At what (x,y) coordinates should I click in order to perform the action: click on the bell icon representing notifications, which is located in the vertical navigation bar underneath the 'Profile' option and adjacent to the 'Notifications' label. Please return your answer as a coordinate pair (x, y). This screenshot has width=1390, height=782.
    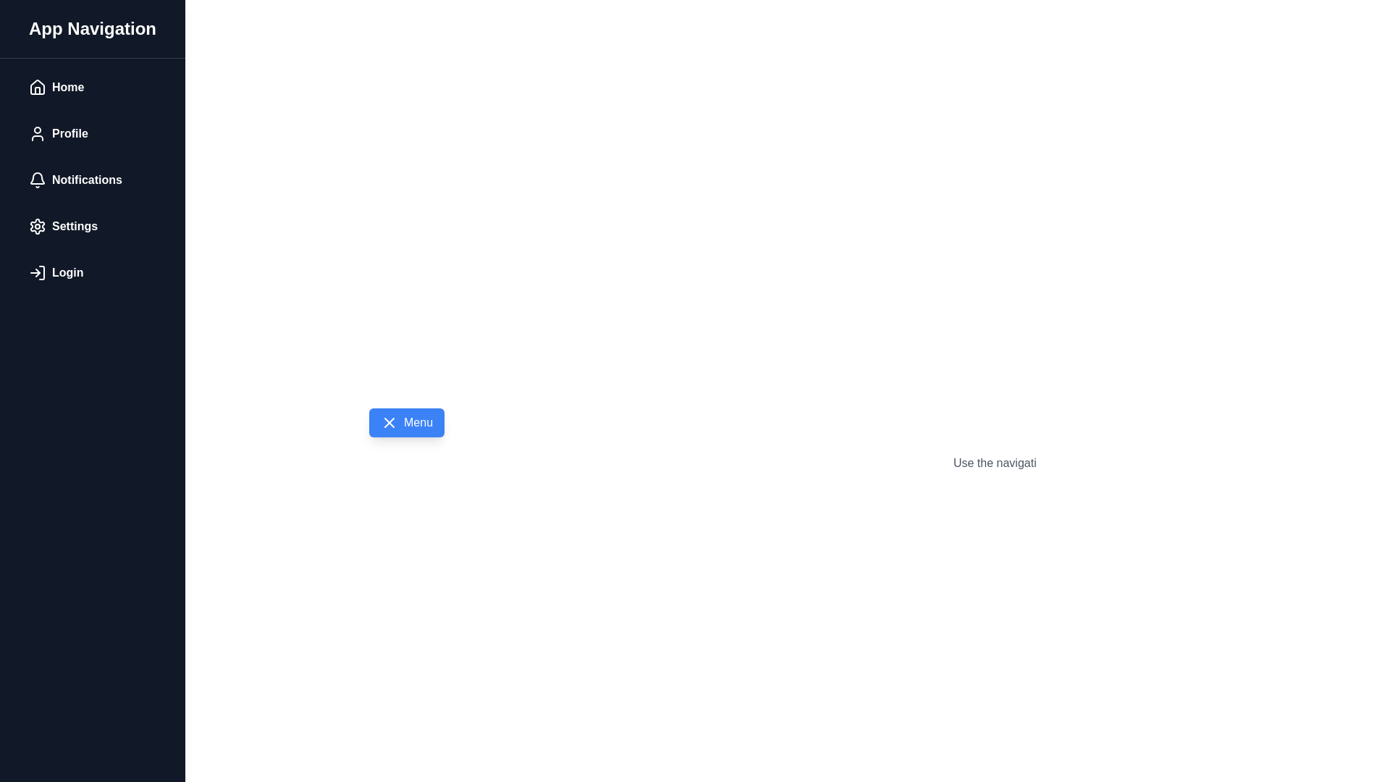
    Looking at the image, I should click on (38, 180).